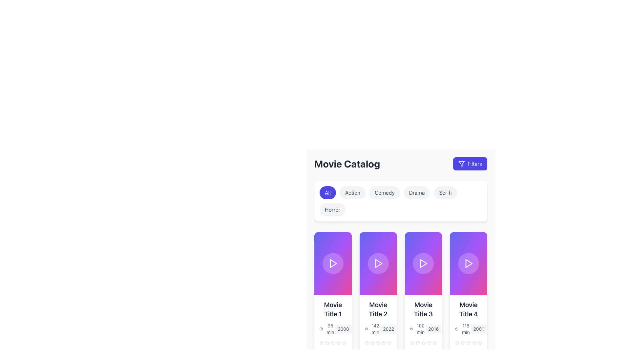 The width and height of the screenshot is (630, 354). What do you see at coordinates (480, 342) in the screenshot?
I see `the rightmost star in the five-star rating system under the 'Movie Title 4' card` at bounding box center [480, 342].